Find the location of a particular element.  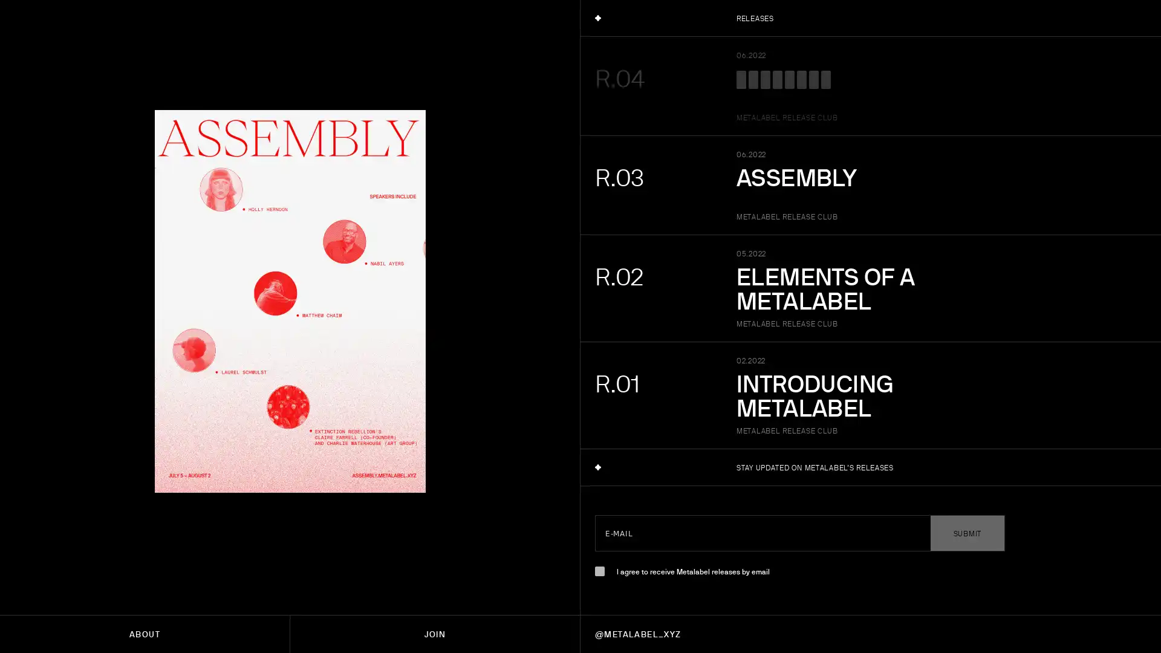

SUBMIT is located at coordinates (966, 533).